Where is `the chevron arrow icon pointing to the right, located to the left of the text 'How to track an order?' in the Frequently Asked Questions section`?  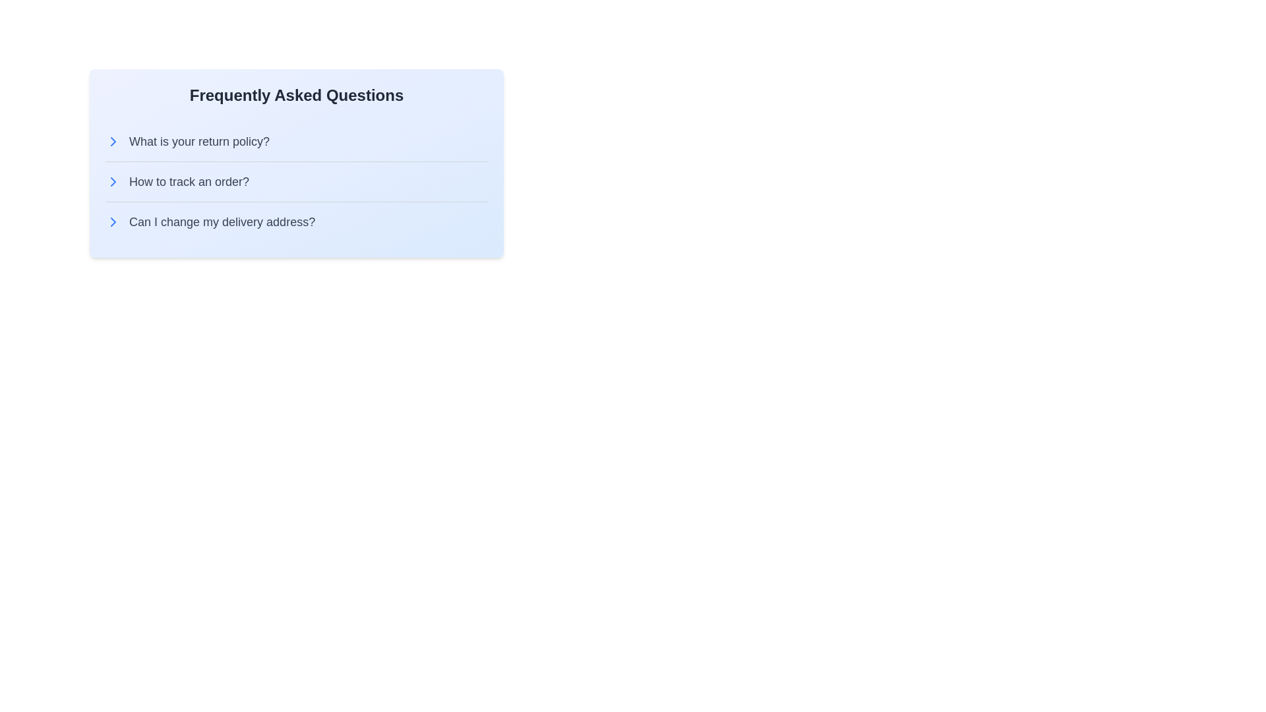 the chevron arrow icon pointing to the right, located to the left of the text 'How to track an order?' in the Frequently Asked Questions section is located at coordinates (113, 182).